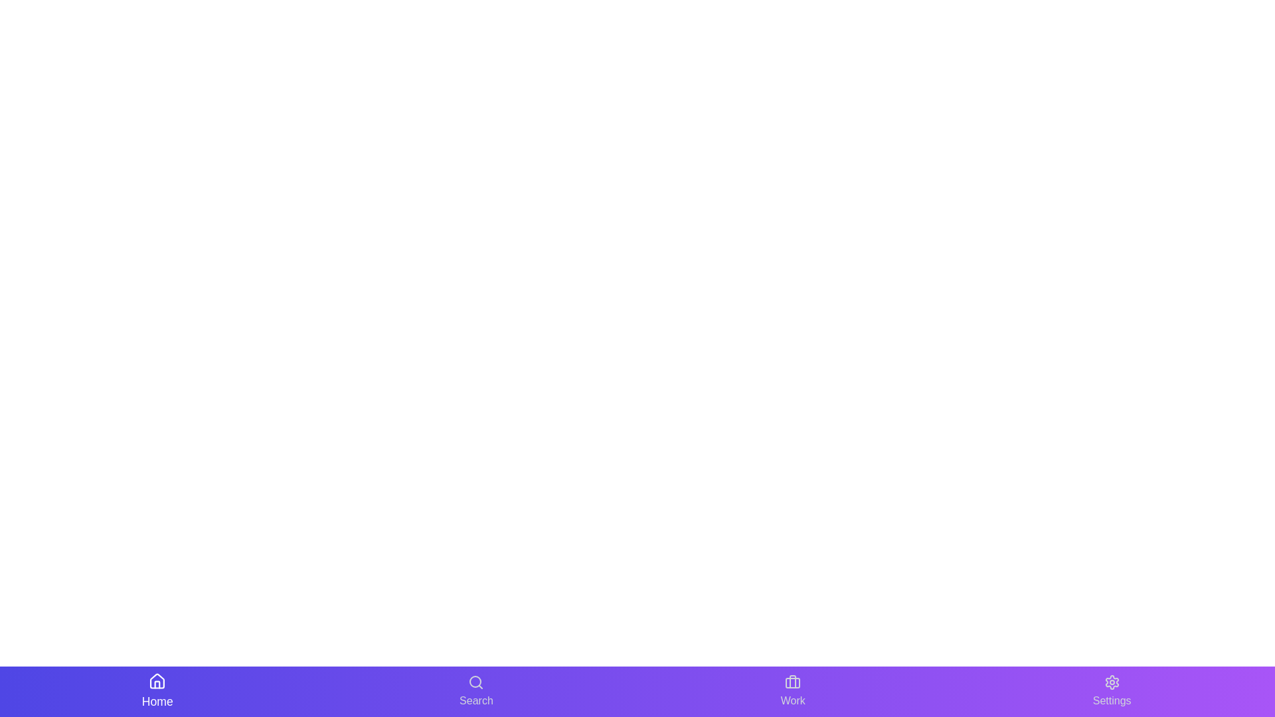 The image size is (1275, 717). What do you see at coordinates (793, 690) in the screenshot?
I see `the navigation button labeled Work to inspect its tooltip` at bounding box center [793, 690].